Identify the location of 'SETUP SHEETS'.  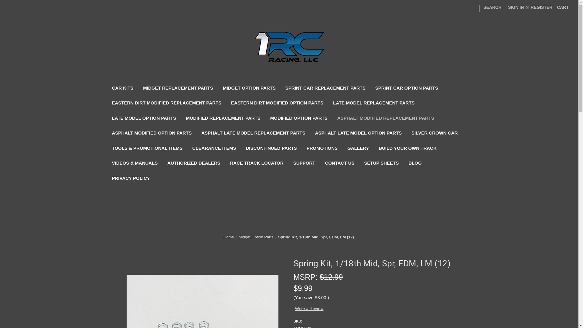
(381, 163).